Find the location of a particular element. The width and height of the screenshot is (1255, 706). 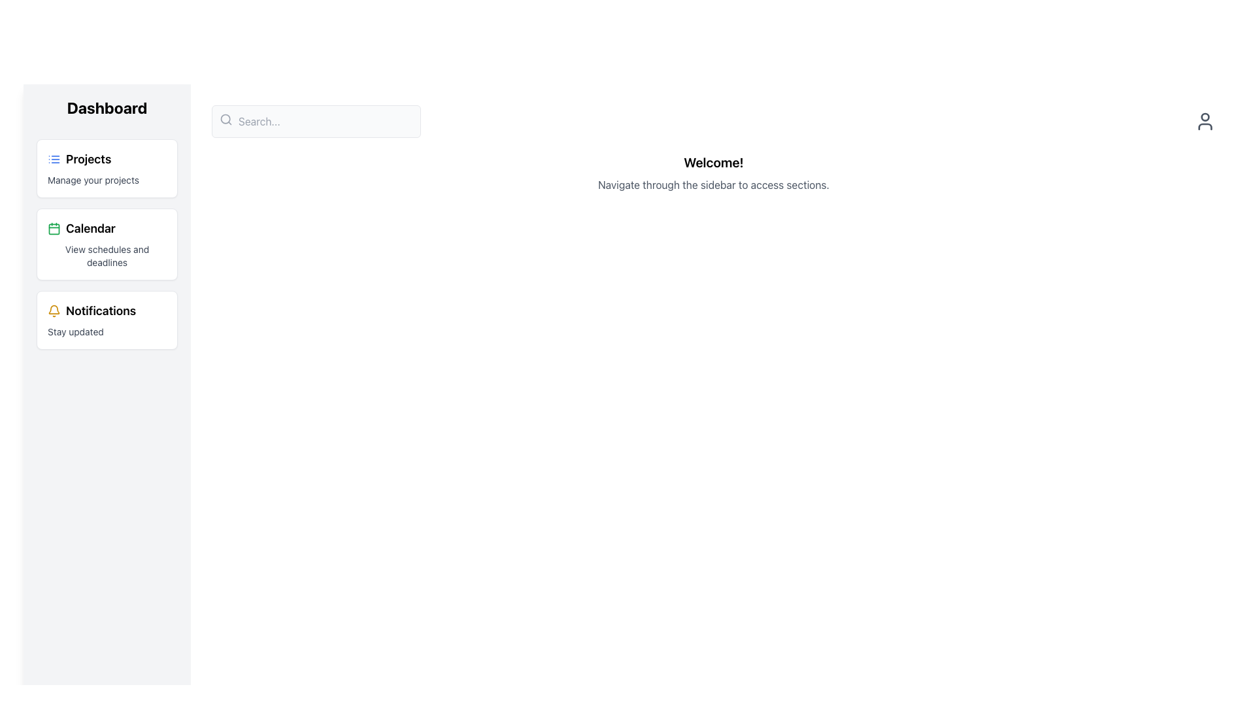

the magnifying glass icon, which is a visual cue for search functionality, located within the search bar area is located at coordinates (226, 119).